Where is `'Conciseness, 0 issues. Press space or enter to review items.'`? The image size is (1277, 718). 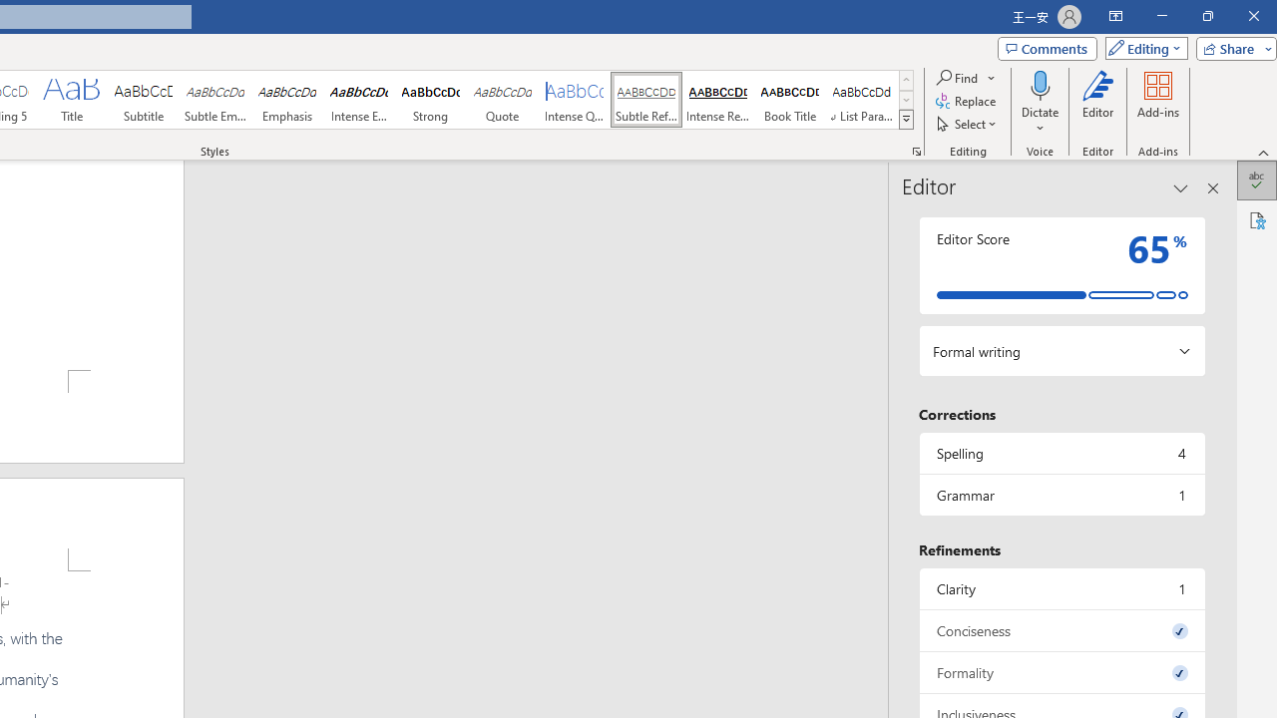 'Conciseness, 0 issues. Press space or enter to review items.' is located at coordinates (1061, 630).